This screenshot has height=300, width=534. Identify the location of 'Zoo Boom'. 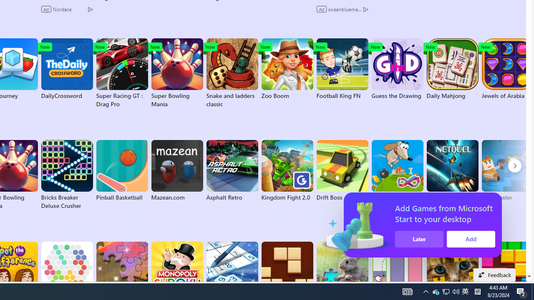
(287, 68).